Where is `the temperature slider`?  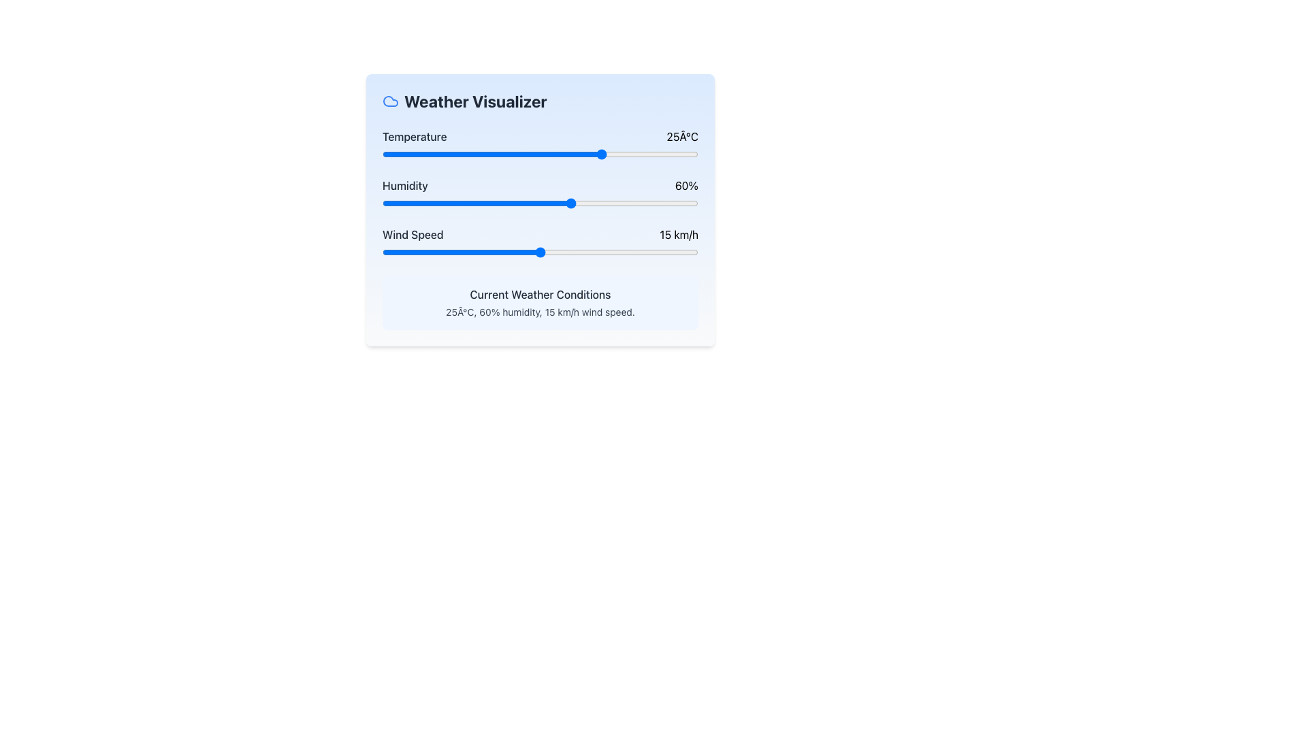 the temperature slider is located at coordinates (432, 154).